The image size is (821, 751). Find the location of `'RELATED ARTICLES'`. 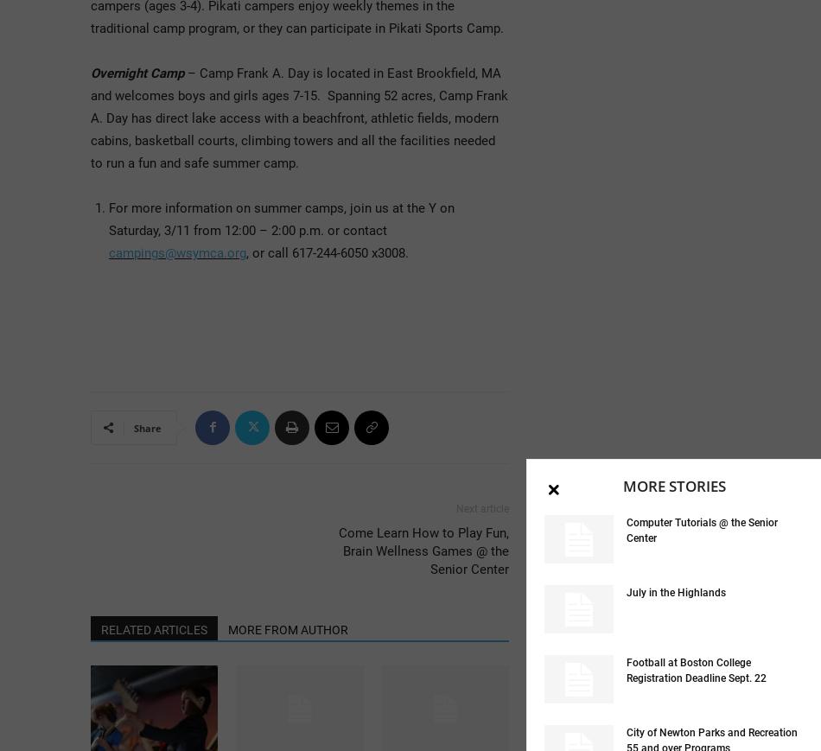

'RELATED ARTICLES' is located at coordinates (154, 628).